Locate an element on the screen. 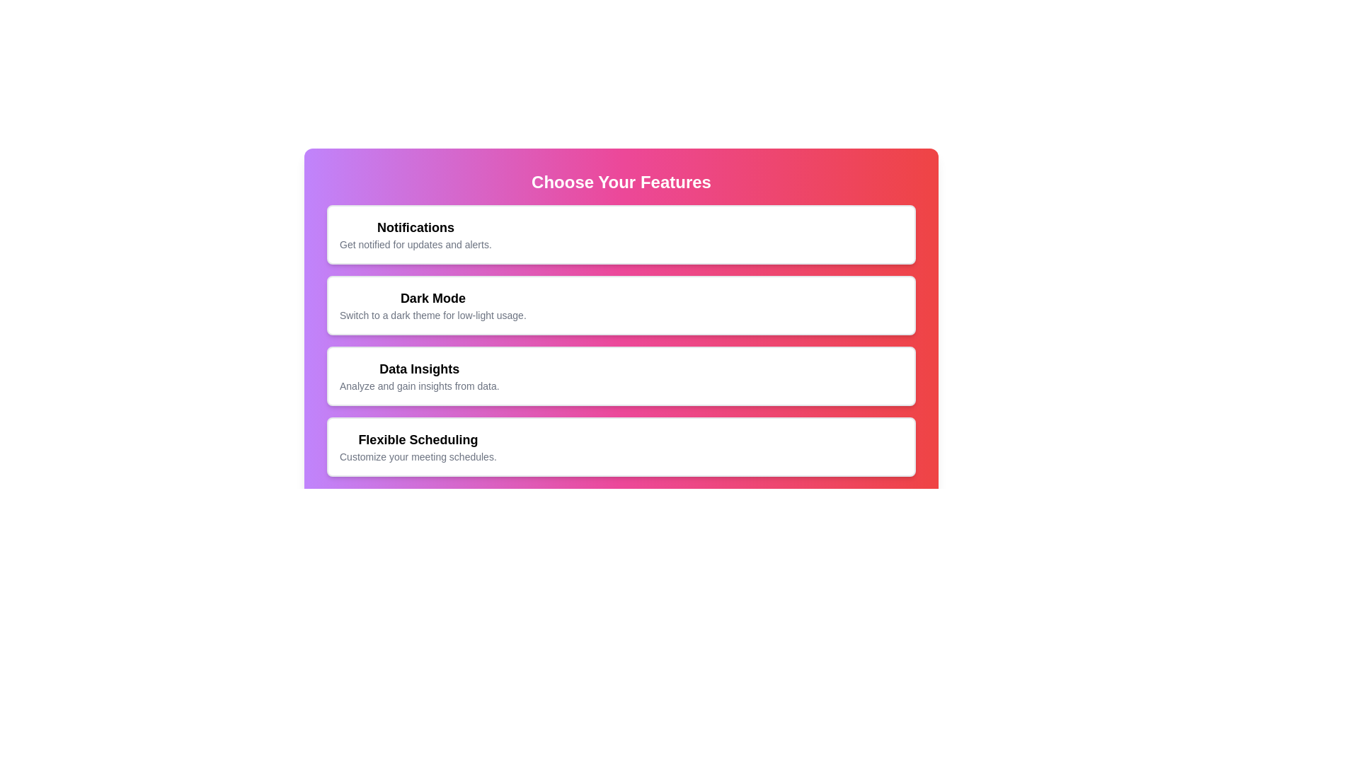 This screenshot has height=764, width=1359. the fourth informational card in the vertical list is located at coordinates (621, 447).